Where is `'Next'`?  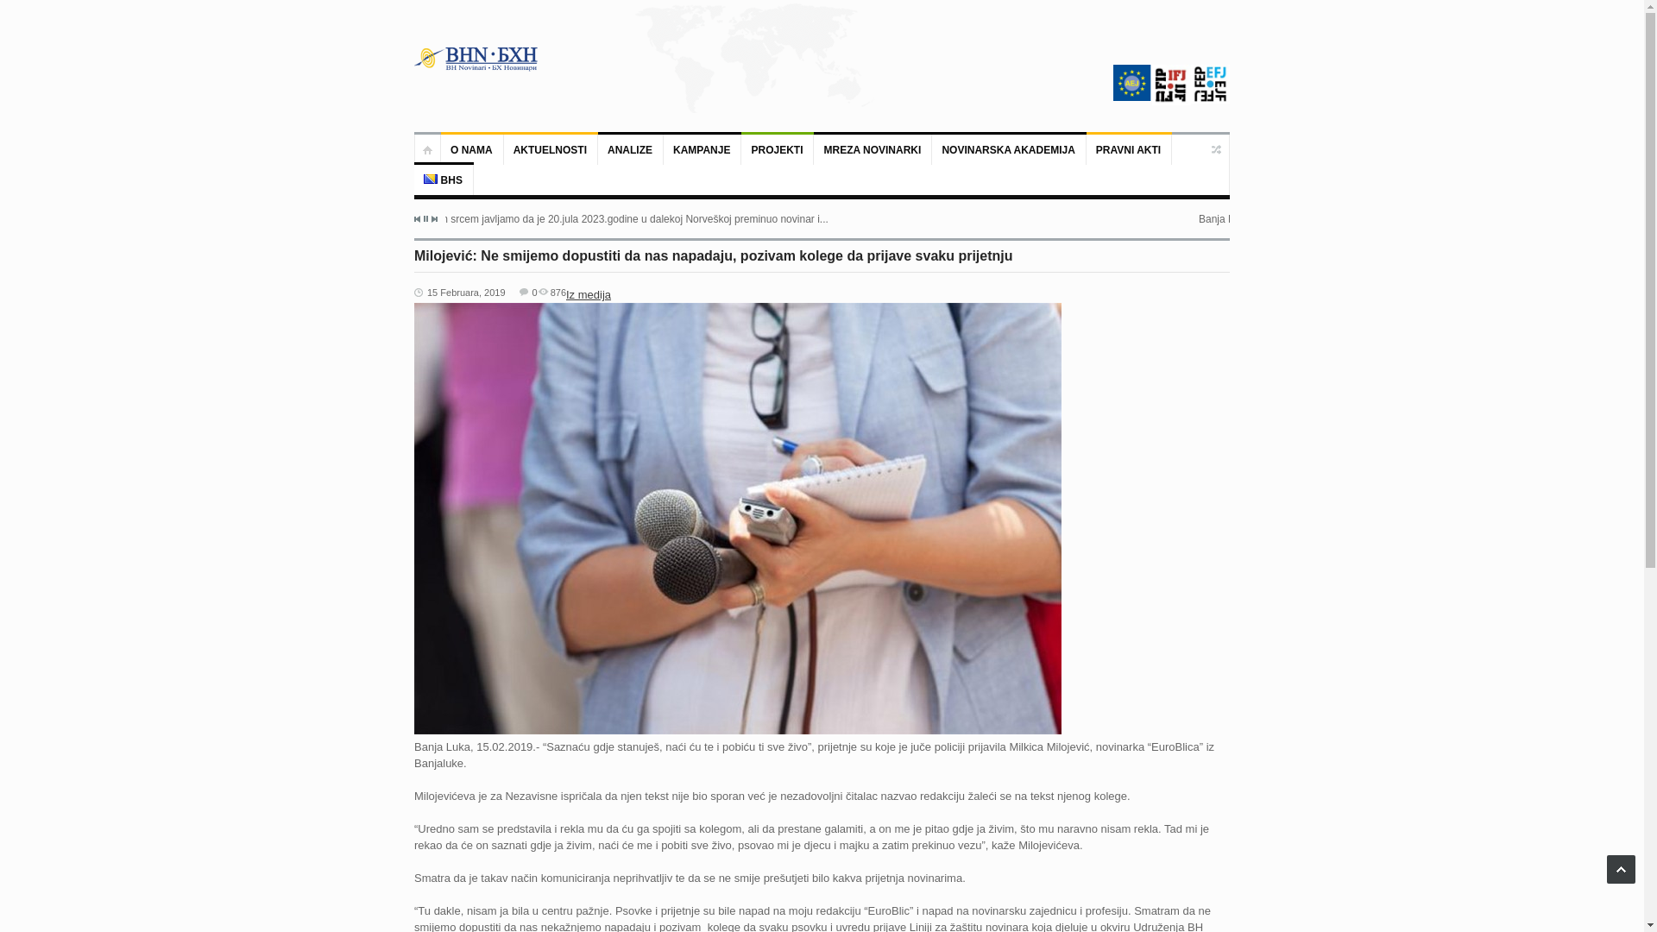
'Next' is located at coordinates (431, 218).